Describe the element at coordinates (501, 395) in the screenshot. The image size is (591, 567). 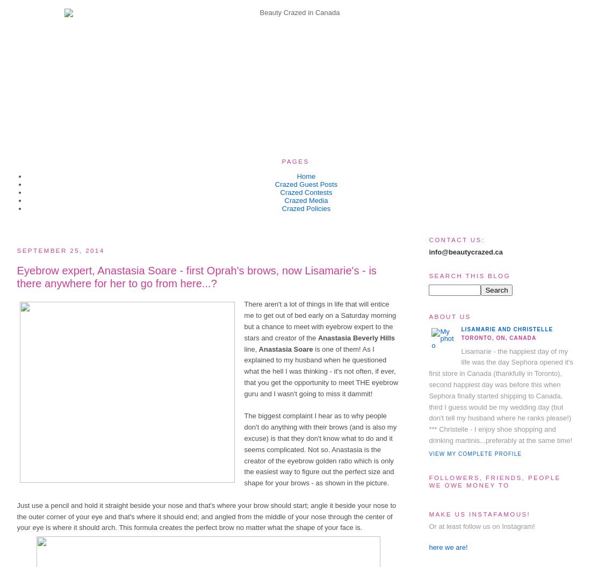
I see `'Lisamarie - the happiest day of my life was the day Sephora opened it's first store in Canada (thankfully in Toronto), second happiest day was before this when Sephora finally started shipping to Canada, third I guess would be my wedding day (but don't tell my husband where he ranks please!)


*** Christelle - I enjoy shoe shopping and drinking martinis...preferably at the same time!'` at that location.